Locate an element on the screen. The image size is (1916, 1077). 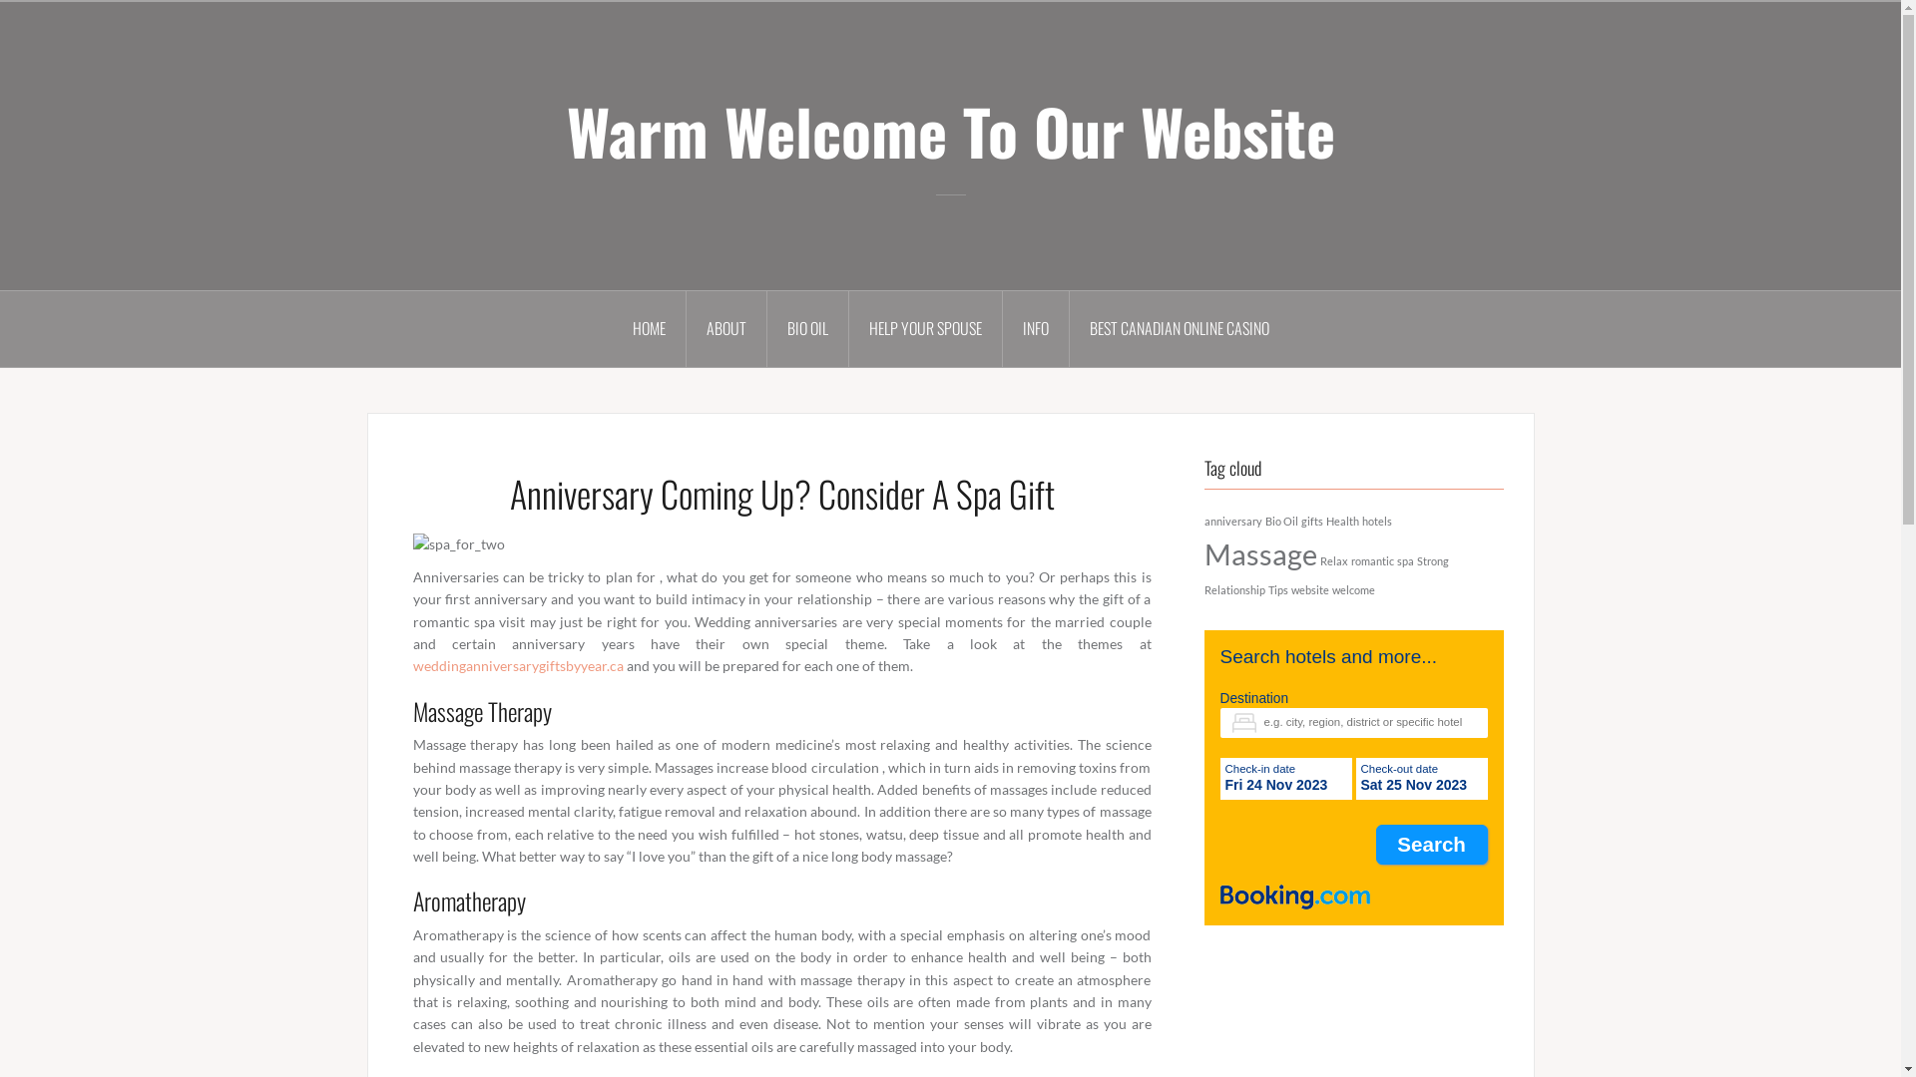
'Strong Relationship' is located at coordinates (1325, 575).